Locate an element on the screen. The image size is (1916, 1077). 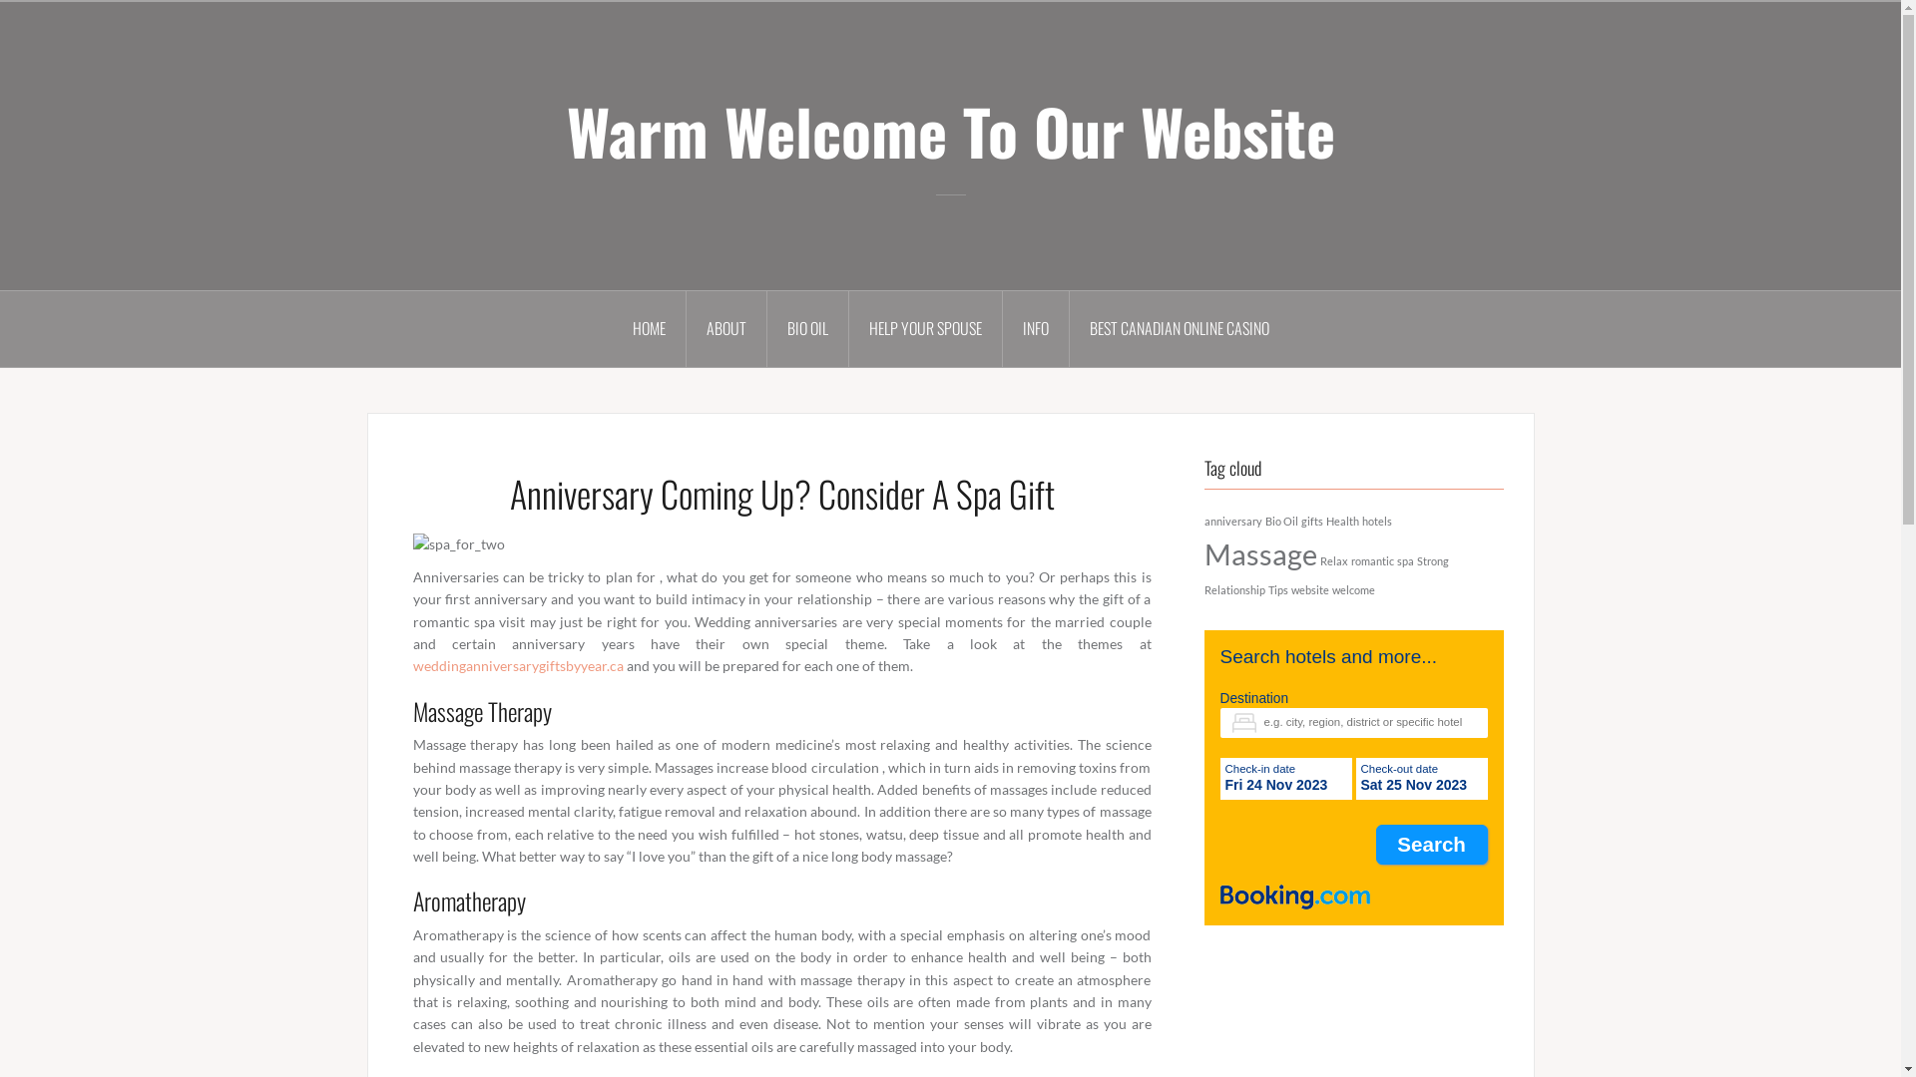
'Strong Relationship' is located at coordinates (1325, 575).